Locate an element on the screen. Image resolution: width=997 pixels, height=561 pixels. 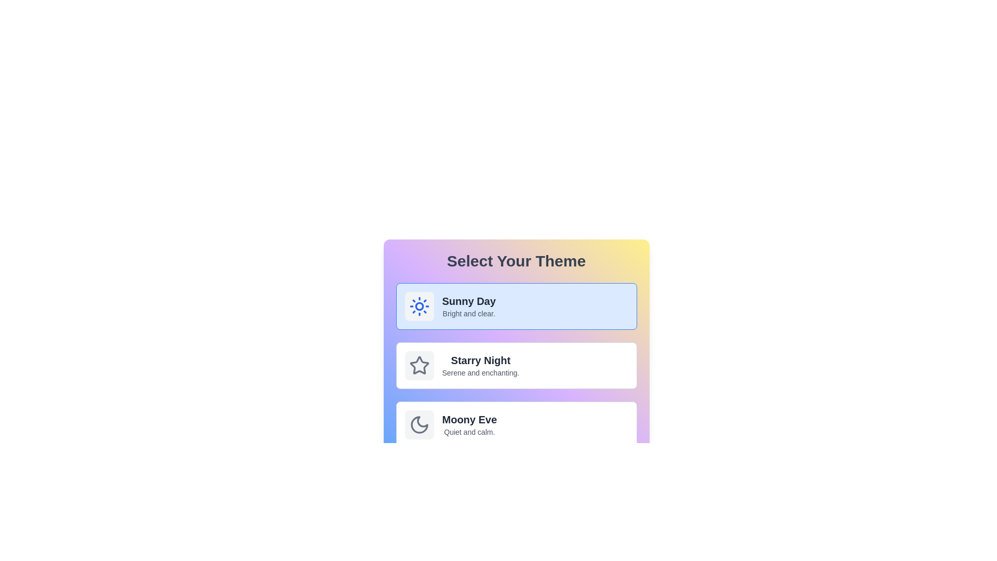
the moon icon representing the 'Moony Eve' theme selection is located at coordinates (419, 424).